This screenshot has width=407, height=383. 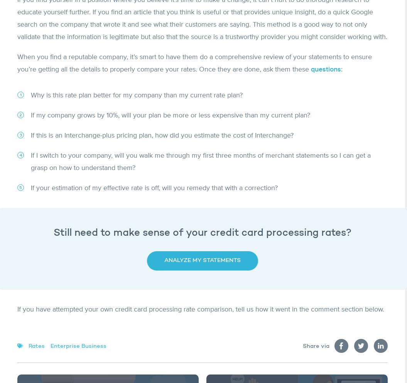 I want to click on 'questions', so click(x=326, y=69).